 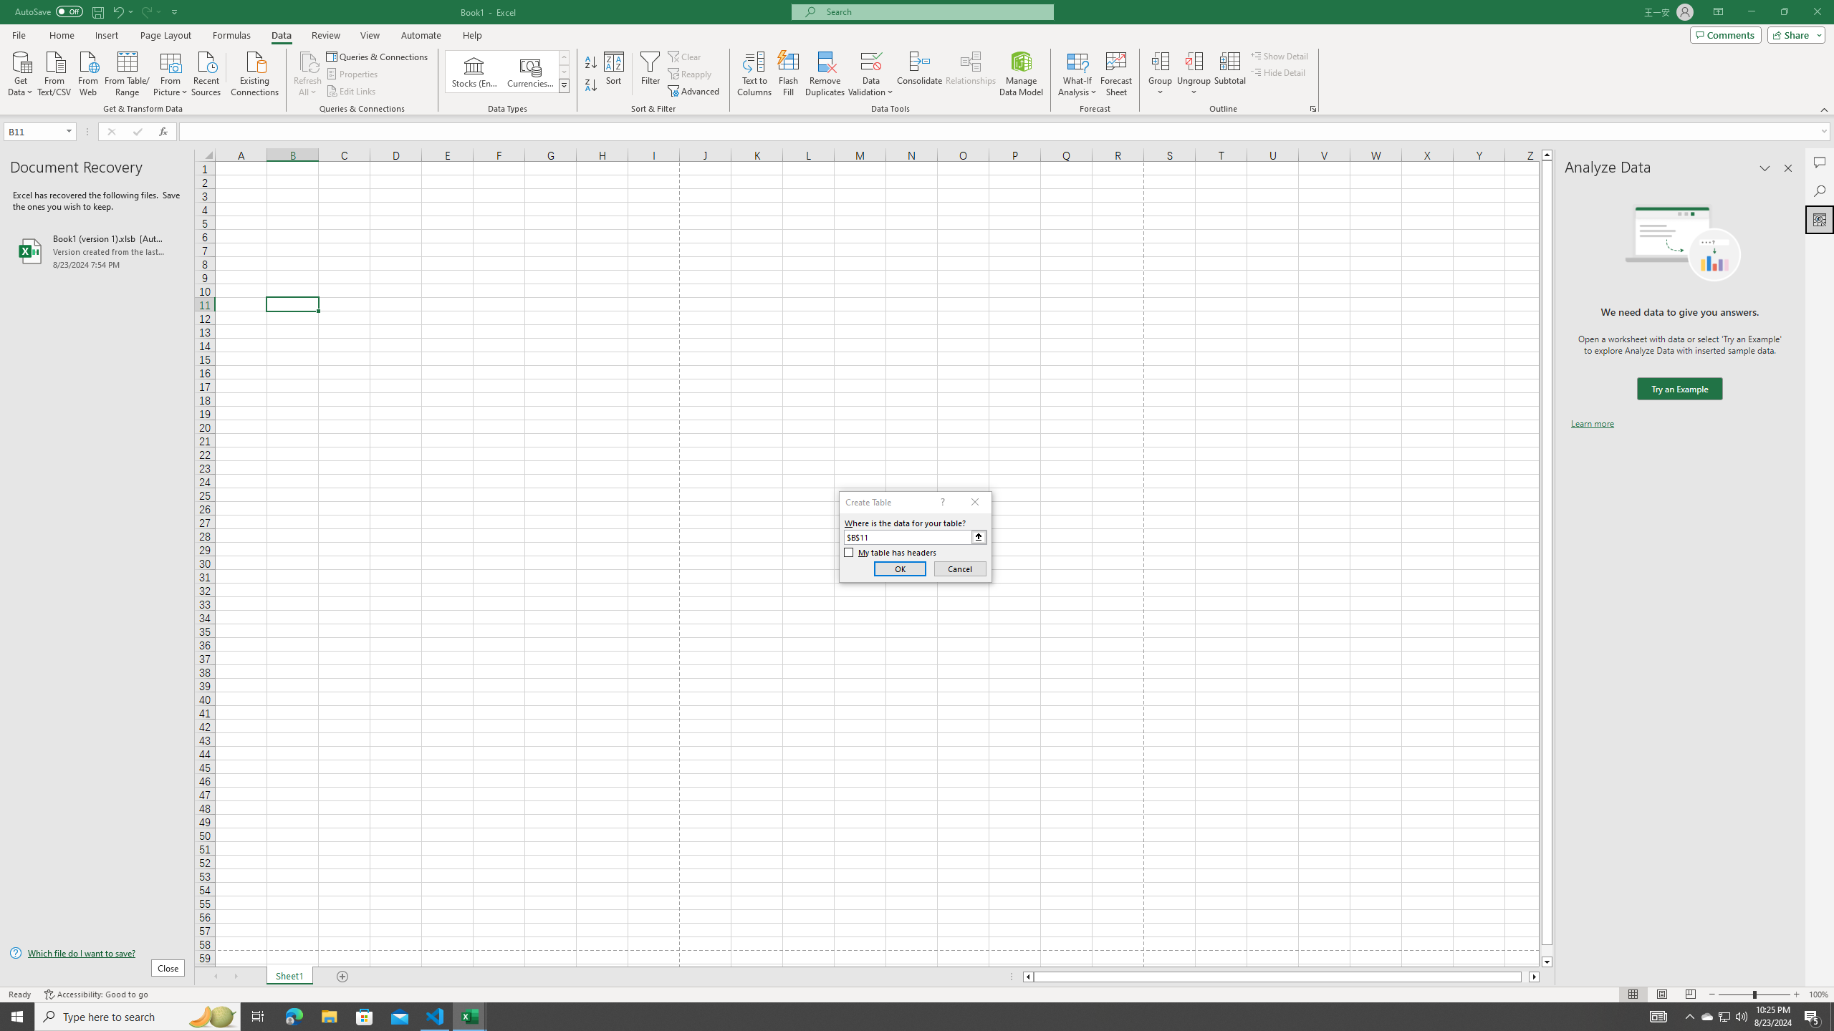 I want to click on 'AutomationID: ConvertToLinkedEntity', so click(x=508, y=71).